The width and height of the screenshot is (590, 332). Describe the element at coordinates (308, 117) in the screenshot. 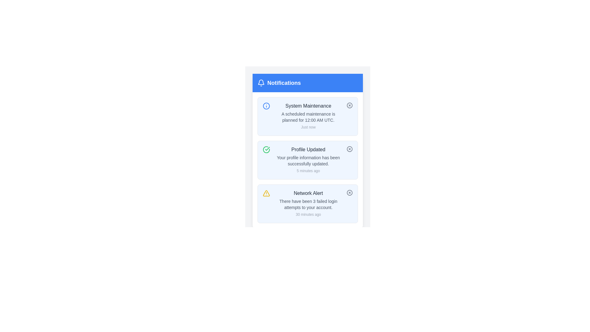

I see `the text stating 'A scheduled maintenance is planned for 12:00 AM UTC.' located in the uppermost notification card beneath the 'System Maintenance' heading` at that location.